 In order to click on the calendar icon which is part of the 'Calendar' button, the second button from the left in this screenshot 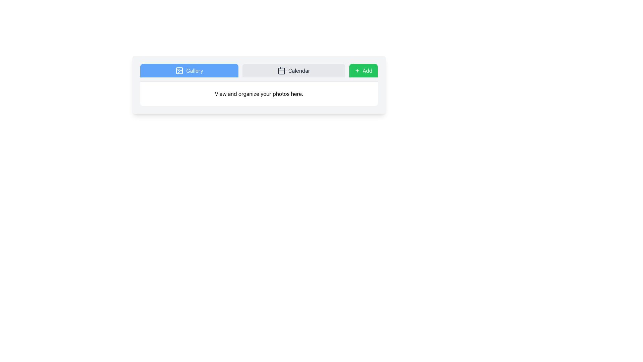, I will do `click(281, 71)`.